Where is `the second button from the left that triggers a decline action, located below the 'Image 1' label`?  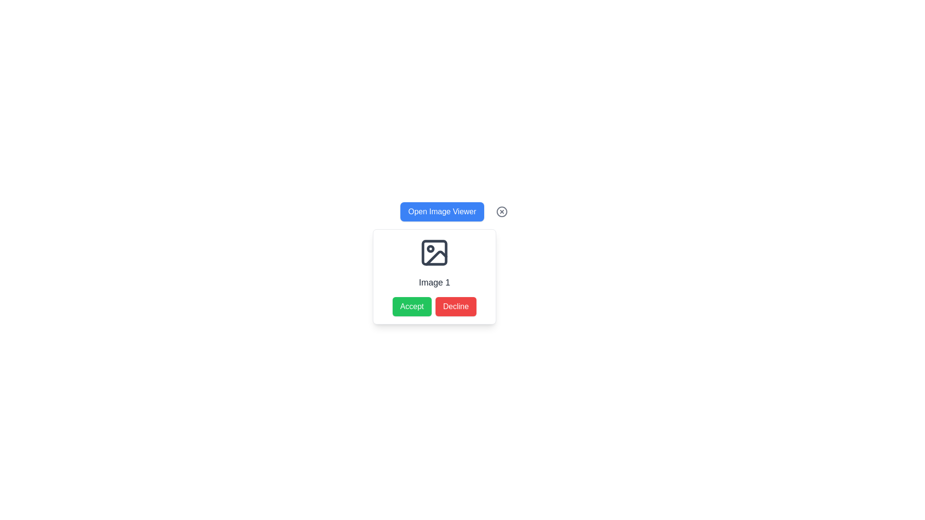
the second button from the left that triggers a decline action, located below the 'Image 1' label is located at coordinates (455, 306).